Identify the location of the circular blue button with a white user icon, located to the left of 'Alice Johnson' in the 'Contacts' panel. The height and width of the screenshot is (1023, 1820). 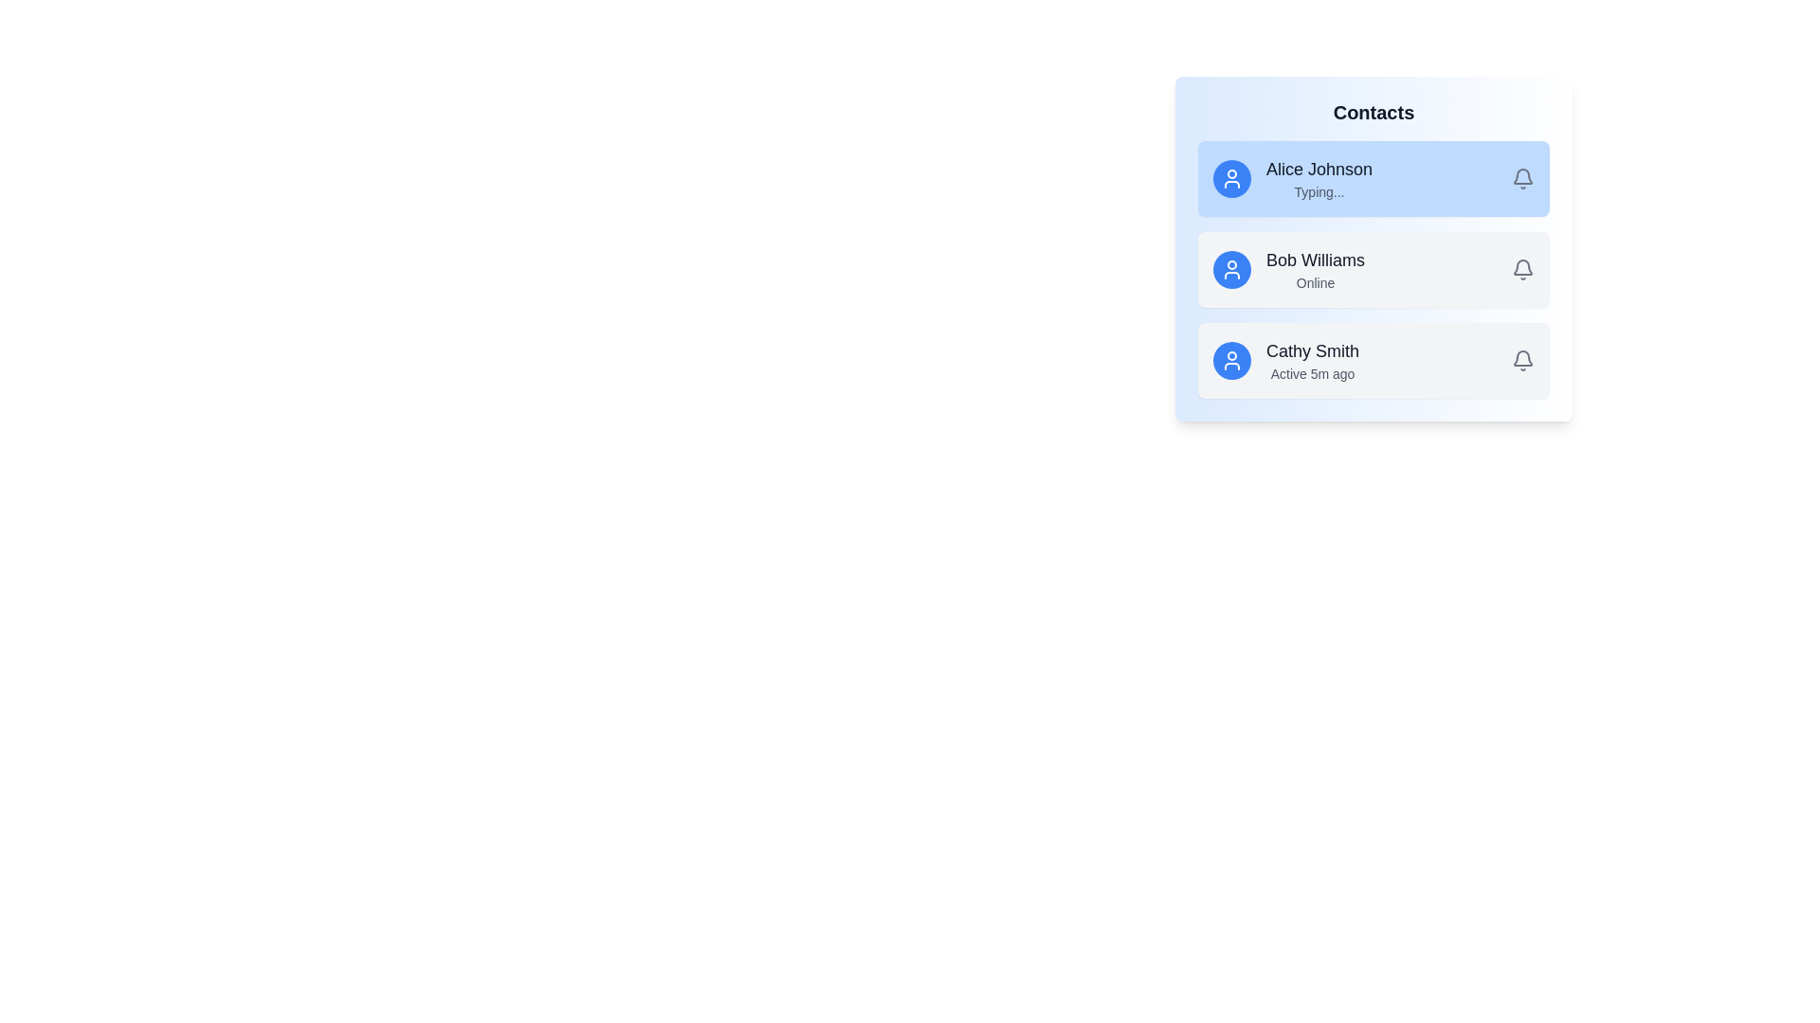
(1232, 179).